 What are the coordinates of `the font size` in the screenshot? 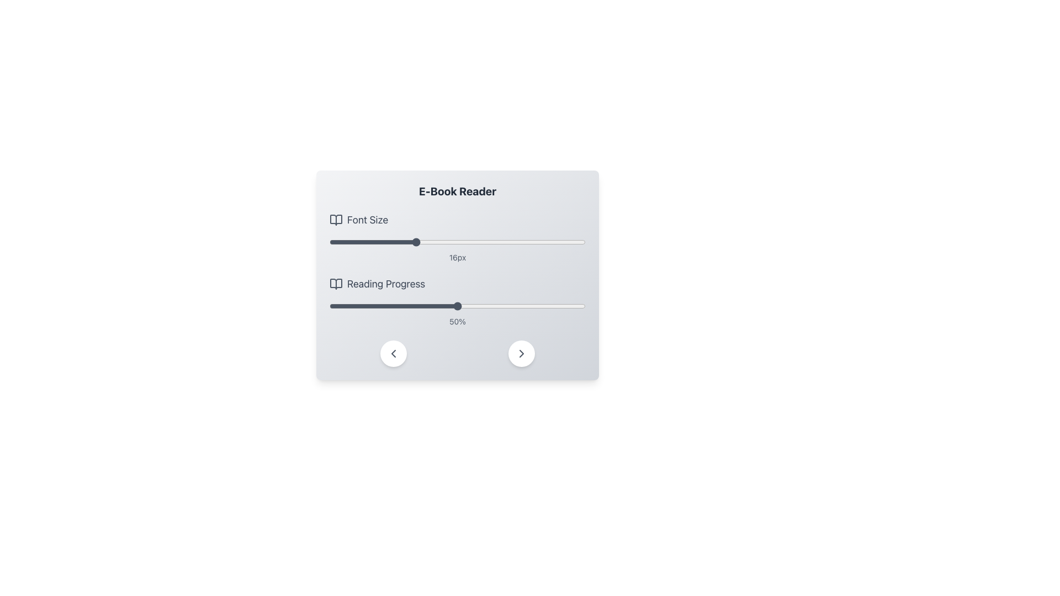 It's located at (521, 242).